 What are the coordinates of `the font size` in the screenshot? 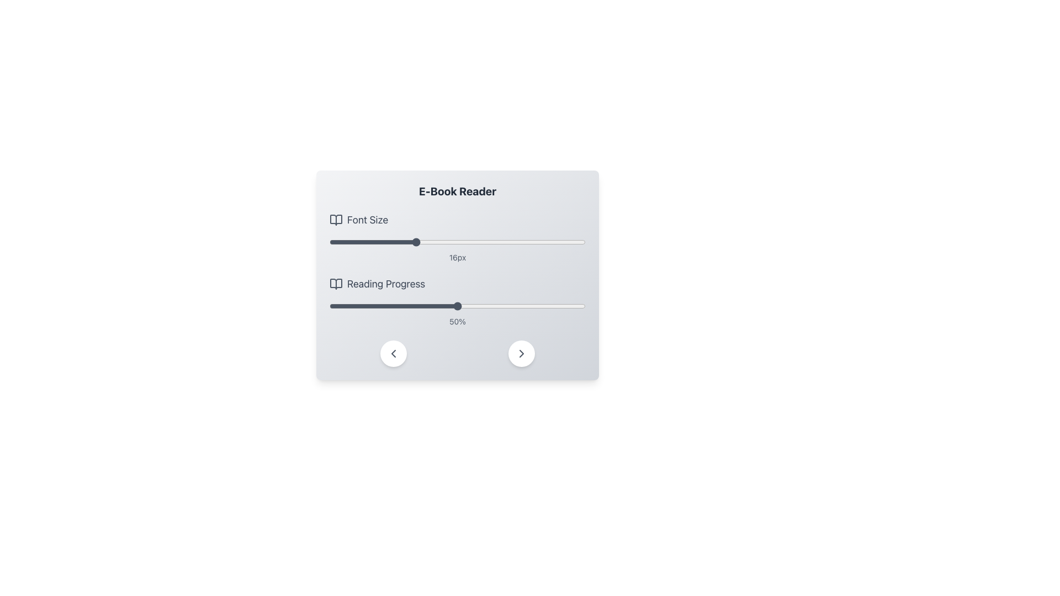 It's located at (521, 242).